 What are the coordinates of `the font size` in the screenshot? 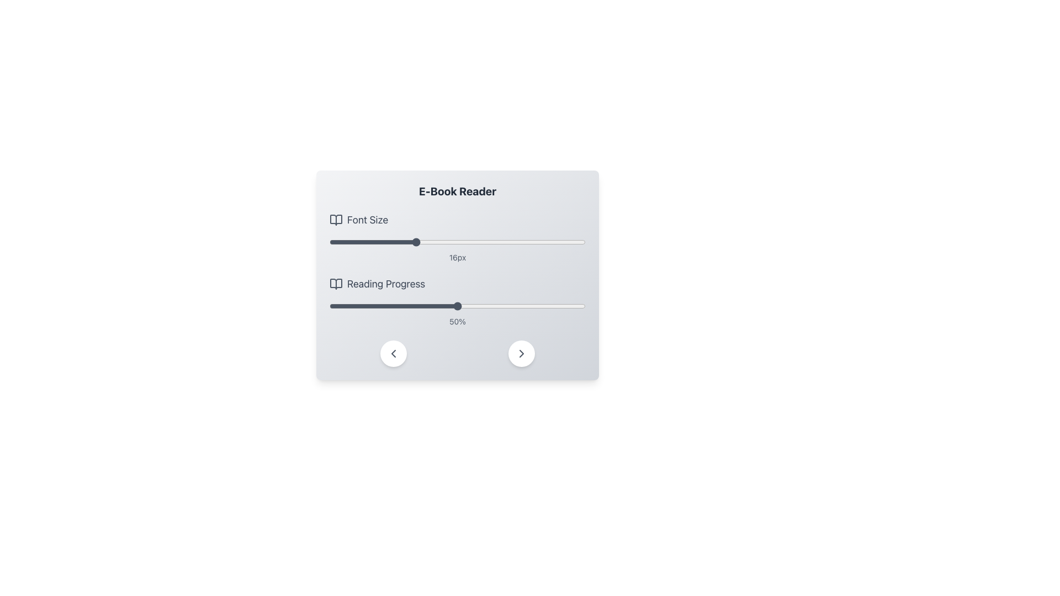 It's located at (521, 242).